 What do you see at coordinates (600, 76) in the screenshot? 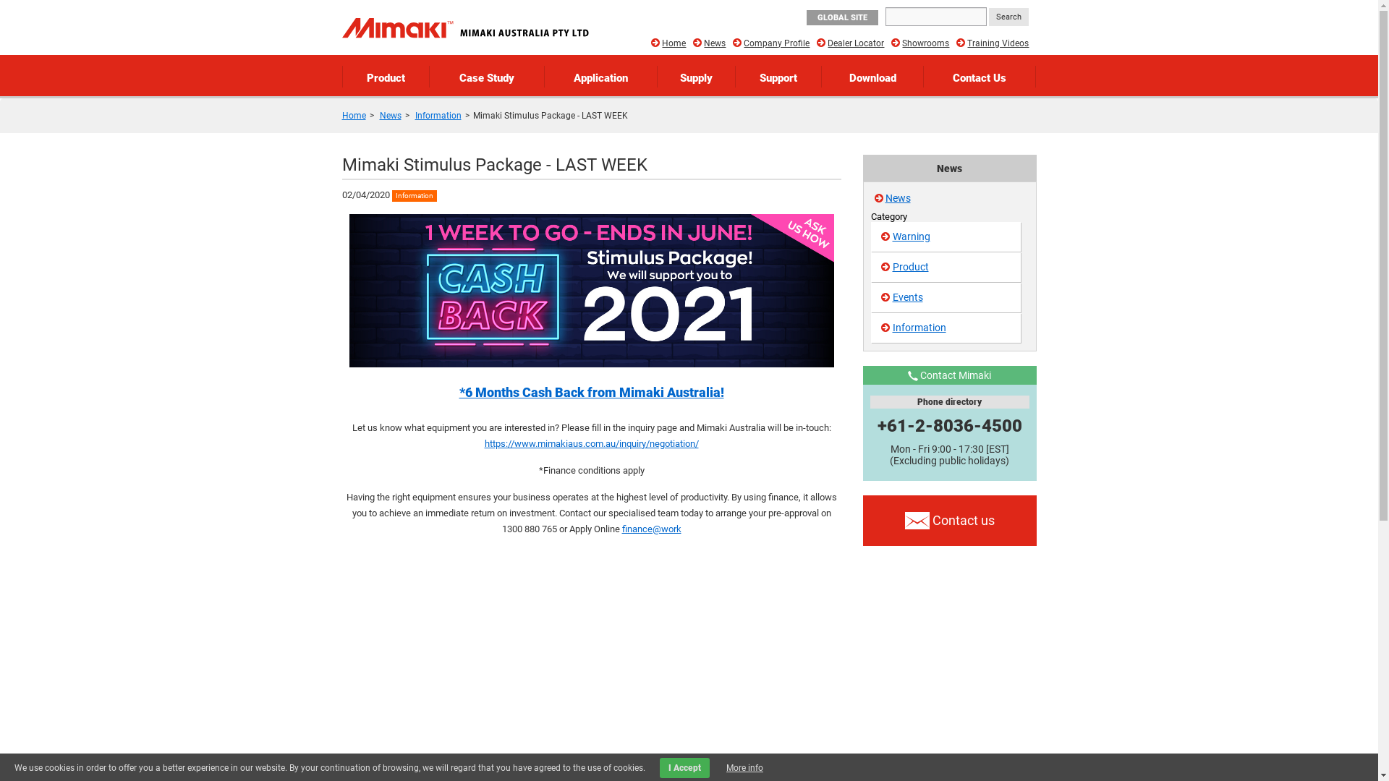
I see `'Application'` at bounding box center [600, 76].